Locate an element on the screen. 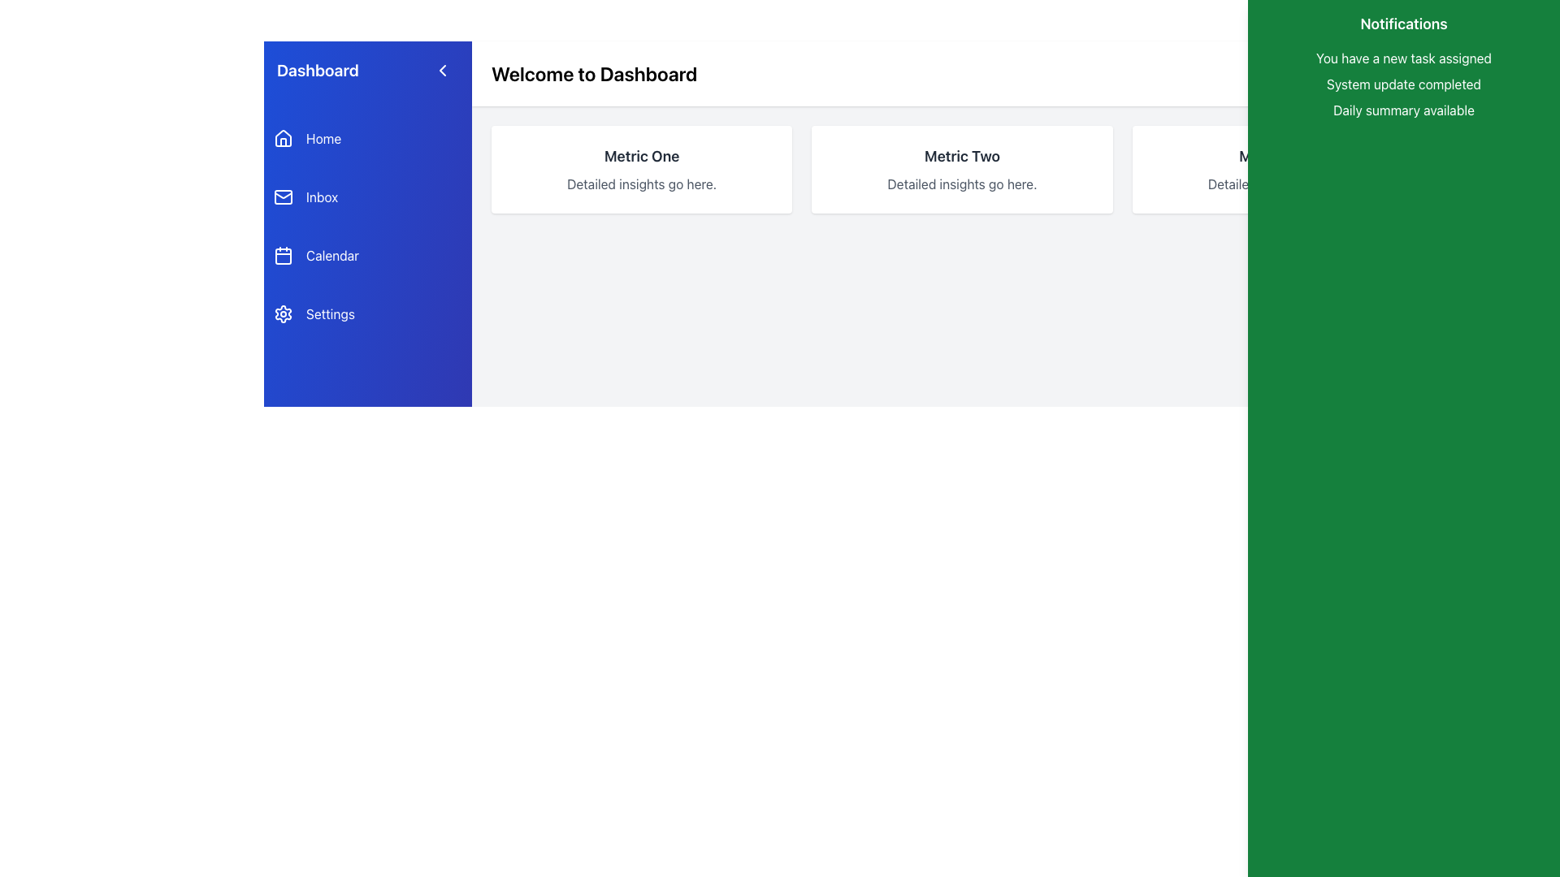  the first menu item in the vertical sidebar menu is located at coordinates (366, 137).